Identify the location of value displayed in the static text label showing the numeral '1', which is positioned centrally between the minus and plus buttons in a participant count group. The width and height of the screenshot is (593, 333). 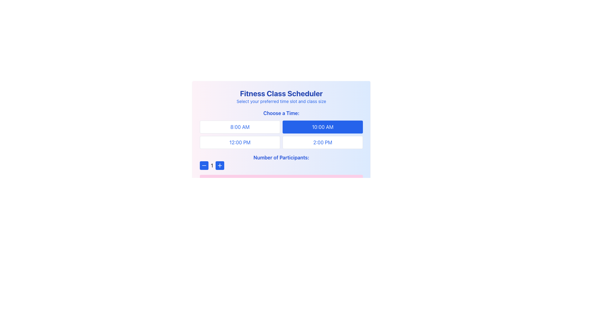
(212, 165).